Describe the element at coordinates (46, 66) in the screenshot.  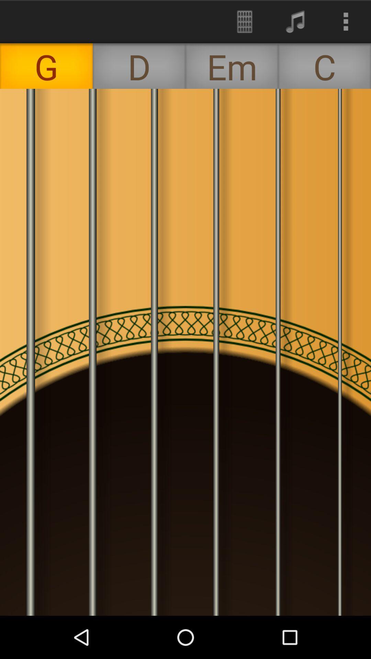
I see `the item at the top left corner` at that location.